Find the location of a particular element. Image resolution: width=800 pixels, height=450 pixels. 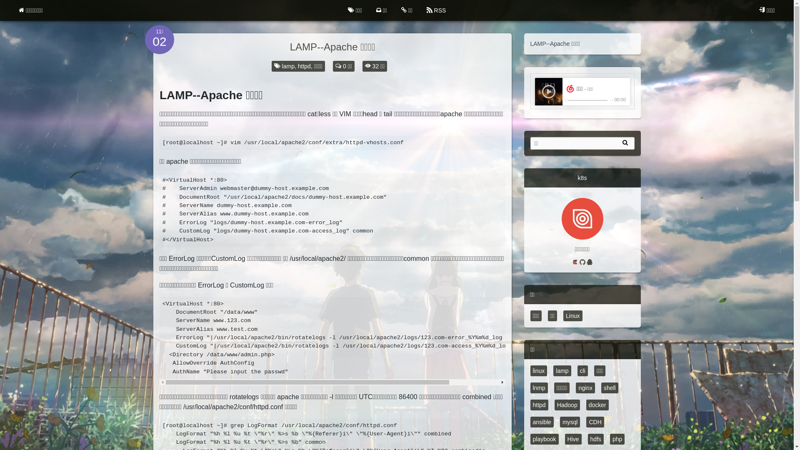

'Hive' is located at coordinates (573, 438).